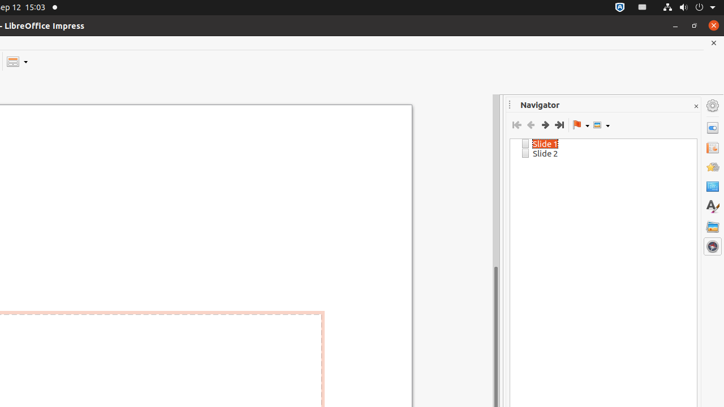 This screenshot has height=407, width=724. I want to click on 'Animation', so click(712, 167).